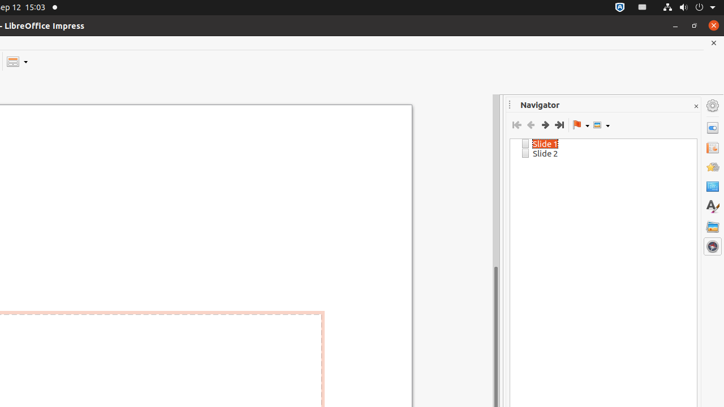 This screenshot has height=407, width=724. I want to click on 'Animation', so click(712, 167).